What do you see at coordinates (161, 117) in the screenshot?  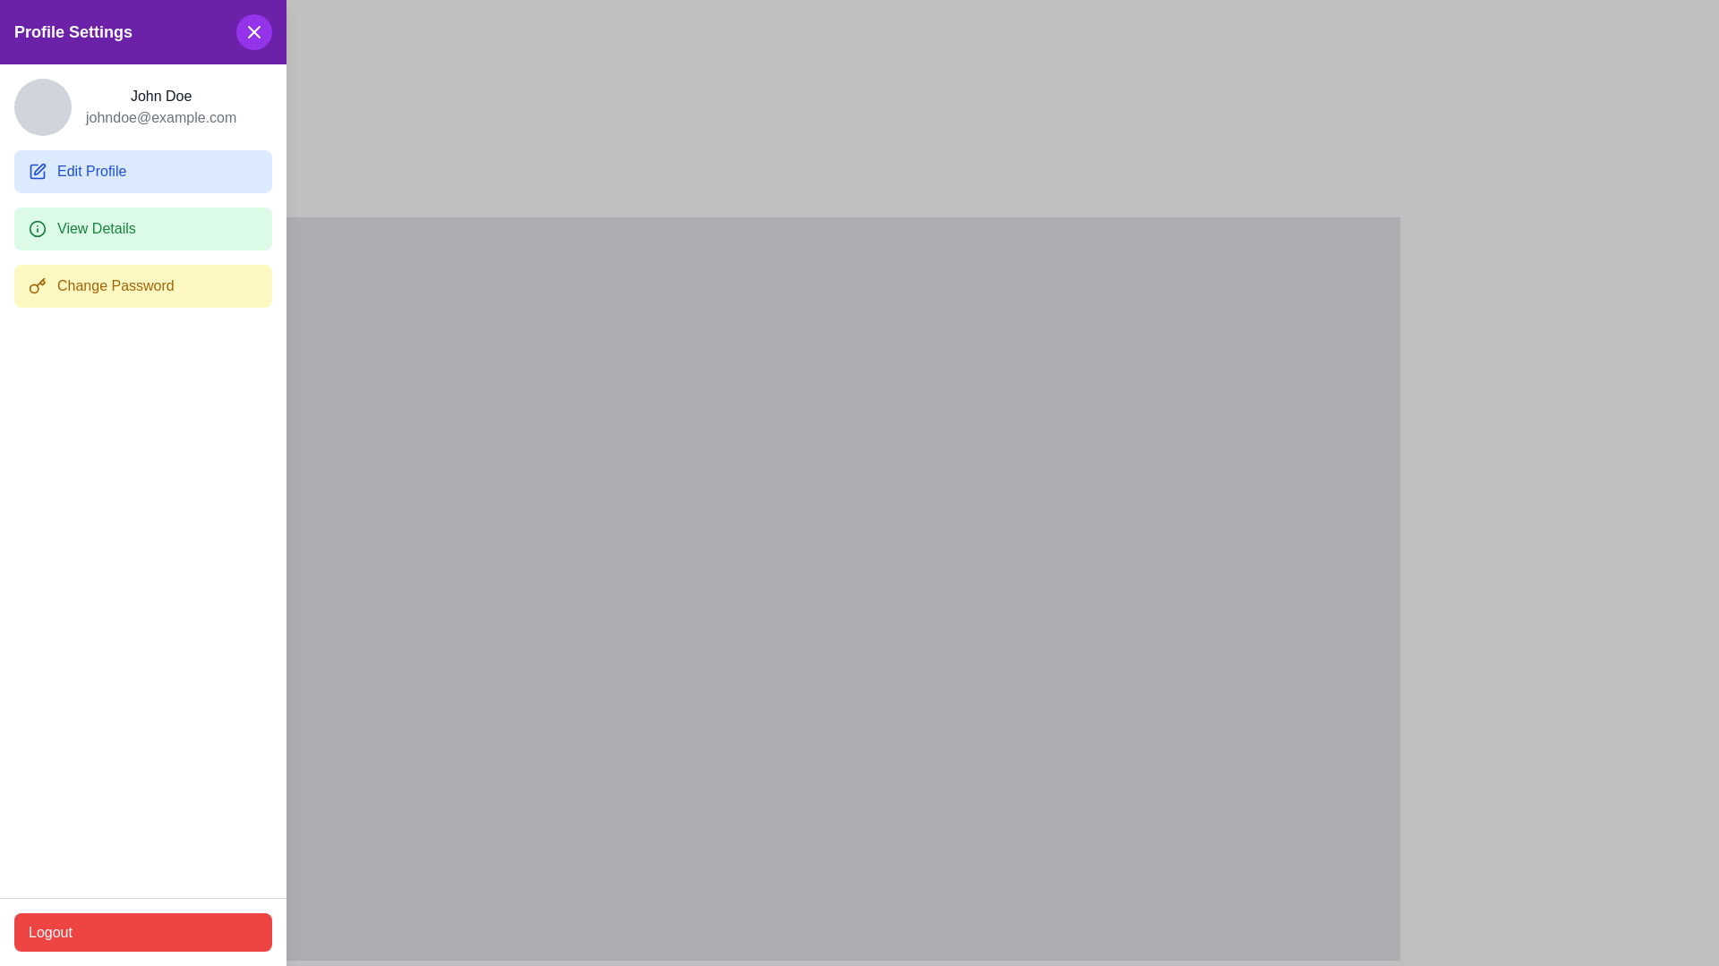 I see `the text label displaying the user's email address, located directly underneath 'John Doe' in the profile panel` at bounding box center [161, 117].